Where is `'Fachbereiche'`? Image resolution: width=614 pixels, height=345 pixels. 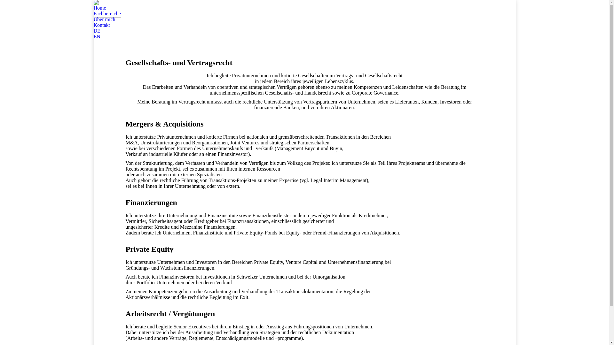 'Fachbereiche' is located at coordinates (93, 13).